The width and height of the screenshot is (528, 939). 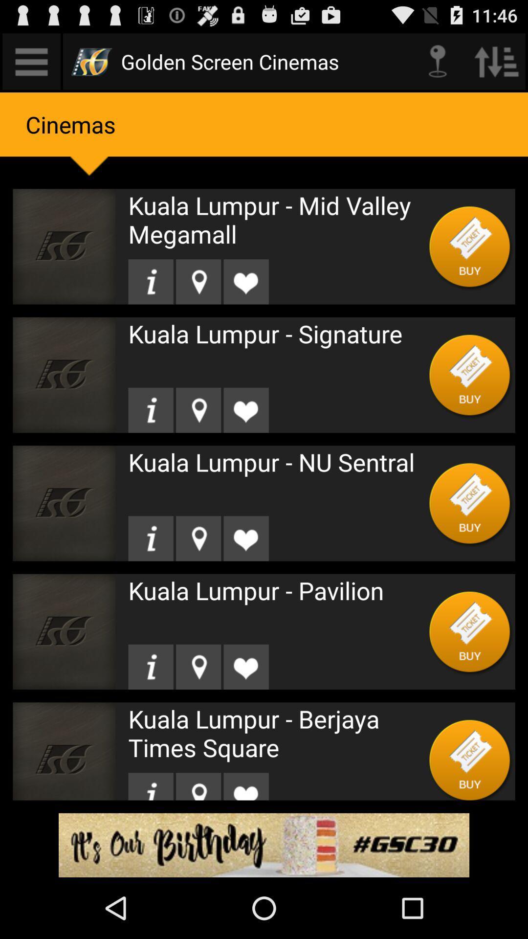 What do you see at coordinates (198, 281) in the screenshot?
I see `location button` at bounding box center [198, 281].